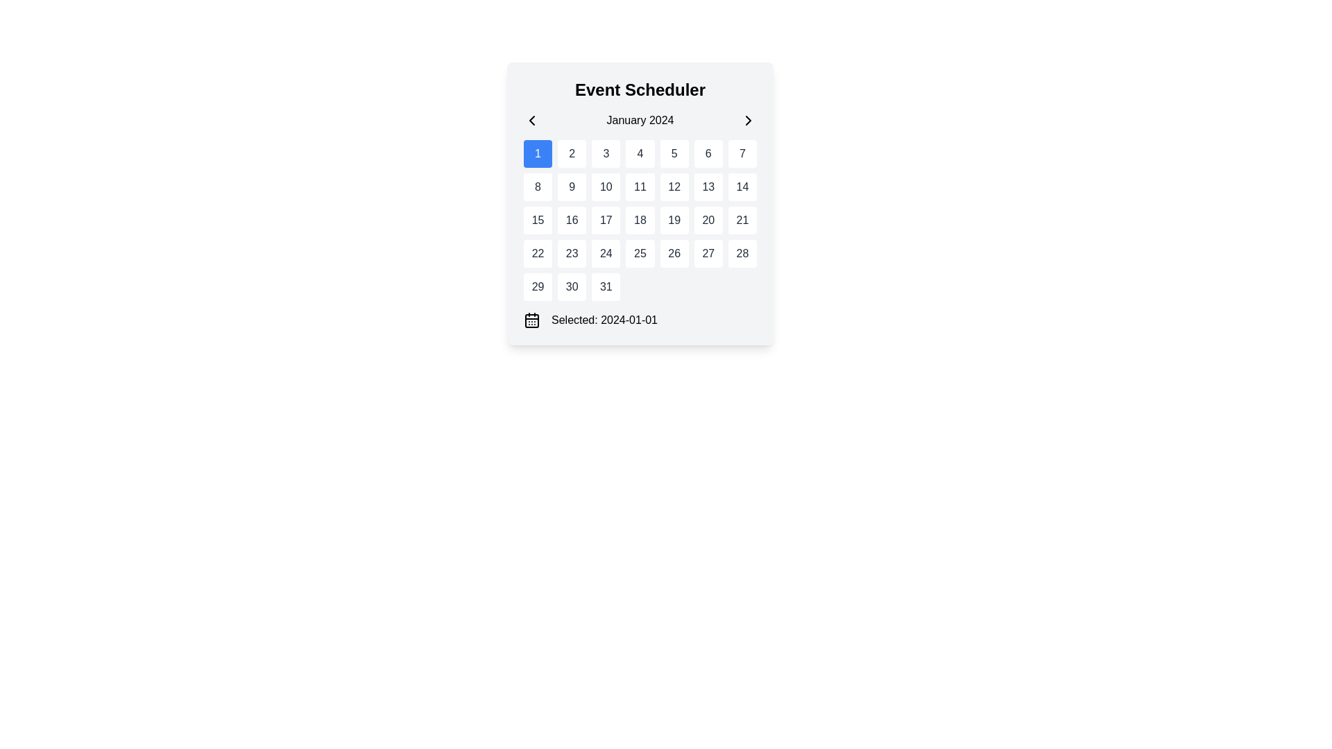 Image resolution: width=1332 pixels, height=749 pixels. I want to click on from the calendar day cell representing '30', so click(572, 286).